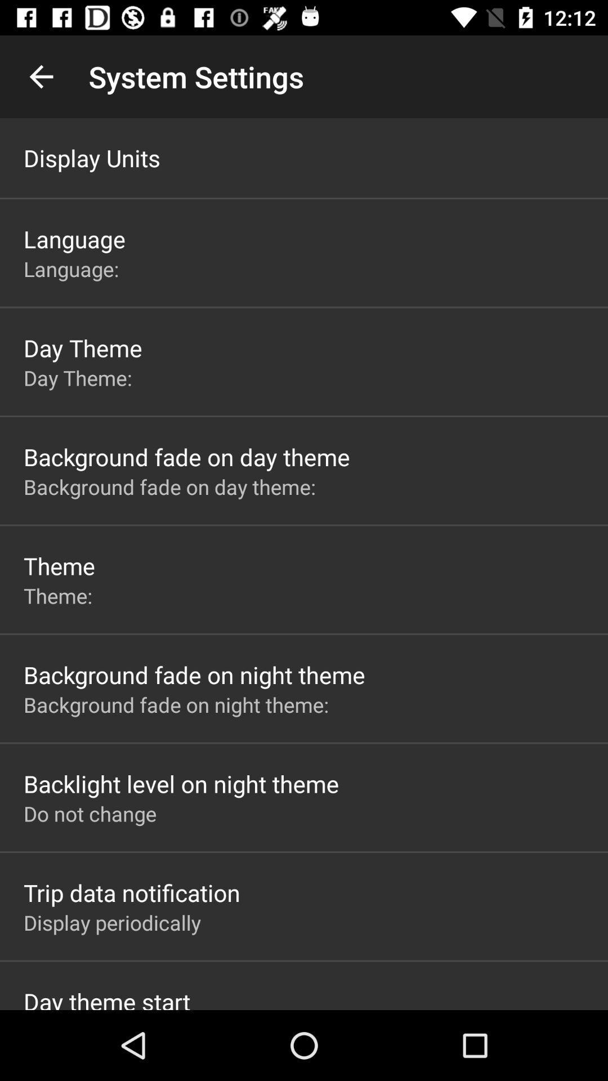  Describe the element at coordinates (90, 814) in the screenshot. I see `do not change item` at that location.